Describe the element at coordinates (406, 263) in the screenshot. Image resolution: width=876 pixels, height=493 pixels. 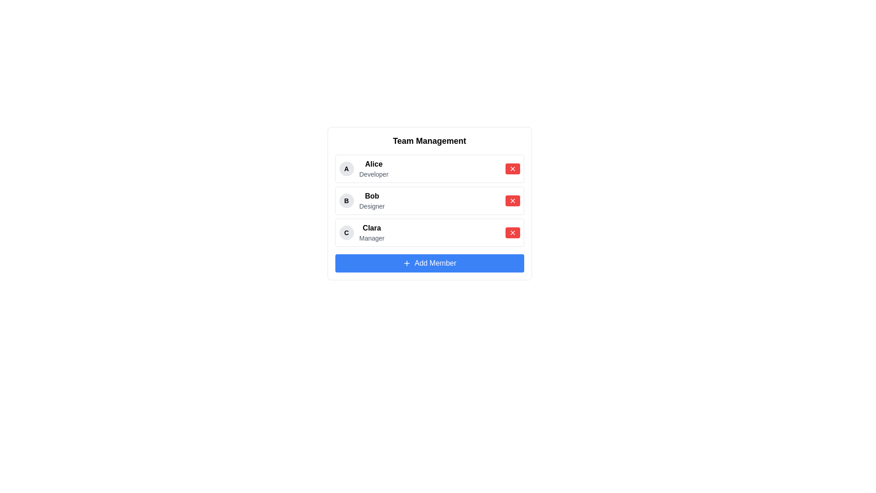
I see `the 'Add New Member' button located at the bottom of the 'Team Management' card` at that location.